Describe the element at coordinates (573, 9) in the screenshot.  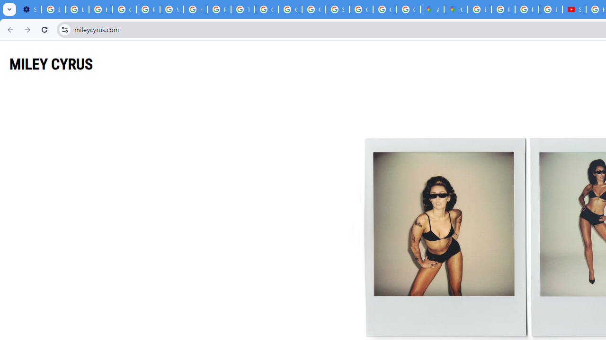
I see `'Subscriptions - YouTube'` at that location.